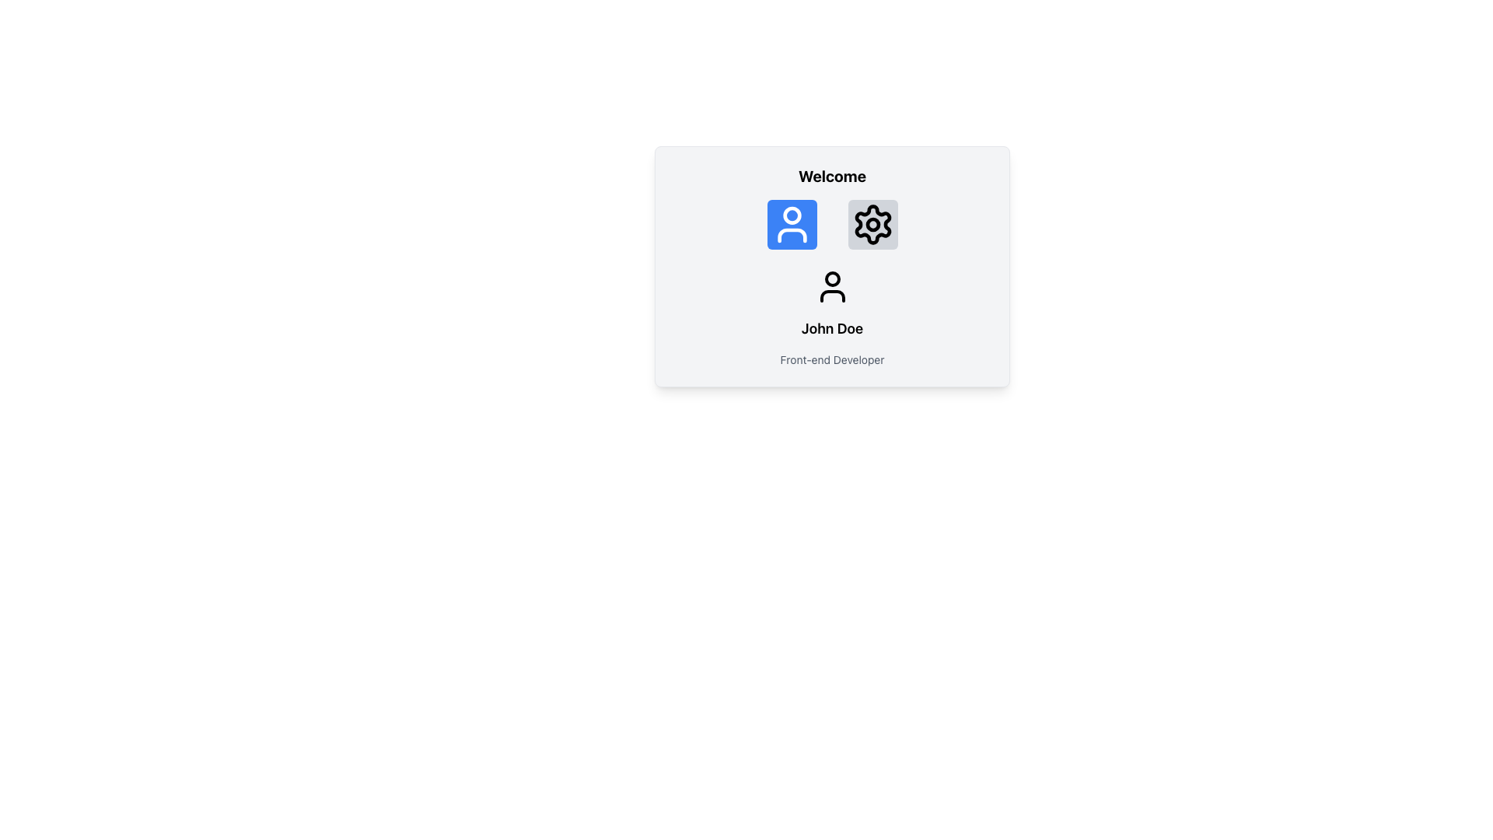  Describe the element at coordinates (792, 215) in the screenshot. I see `the blue circular SVG icon that represents a user profile picture, located centrally within the profile icon on the left side of the gear icon` at that location.